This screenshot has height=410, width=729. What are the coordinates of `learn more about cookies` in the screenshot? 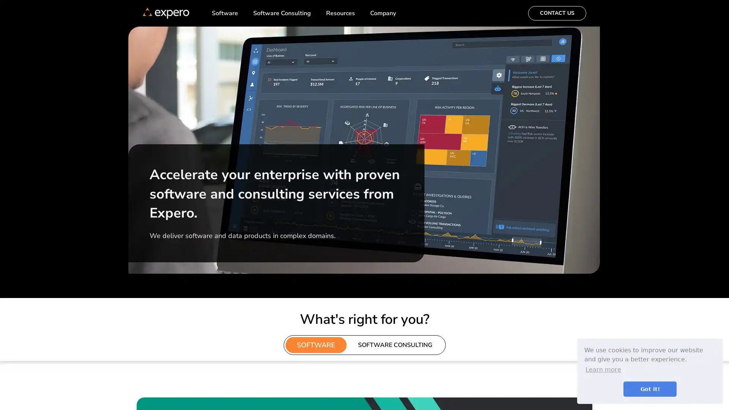 It's located at (603, 369).